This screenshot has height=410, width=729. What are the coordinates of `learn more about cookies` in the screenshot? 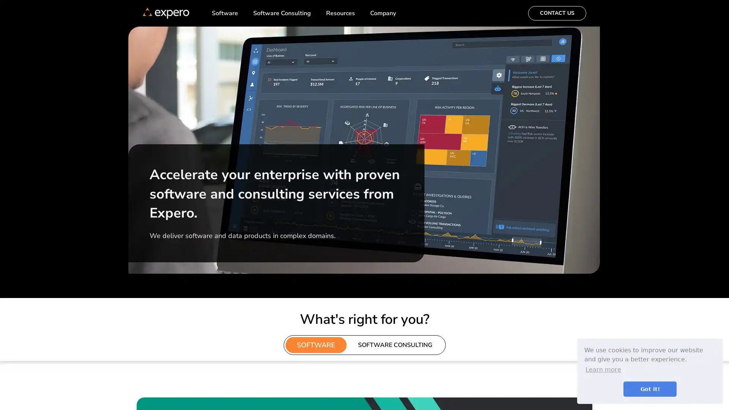 It's located at (603, 369).